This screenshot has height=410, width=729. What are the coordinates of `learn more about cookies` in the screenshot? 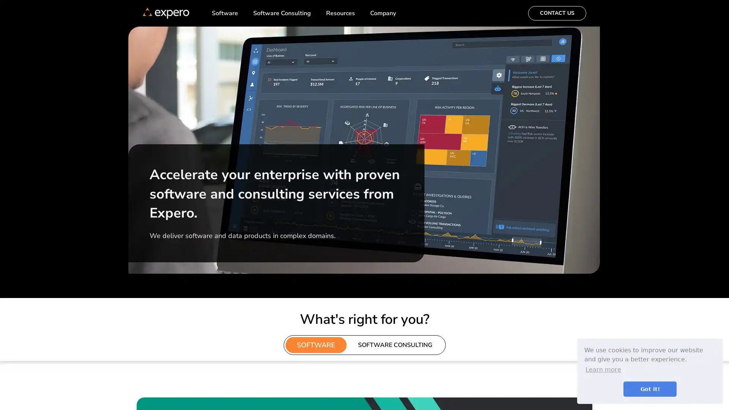 It's located at (603, 369).